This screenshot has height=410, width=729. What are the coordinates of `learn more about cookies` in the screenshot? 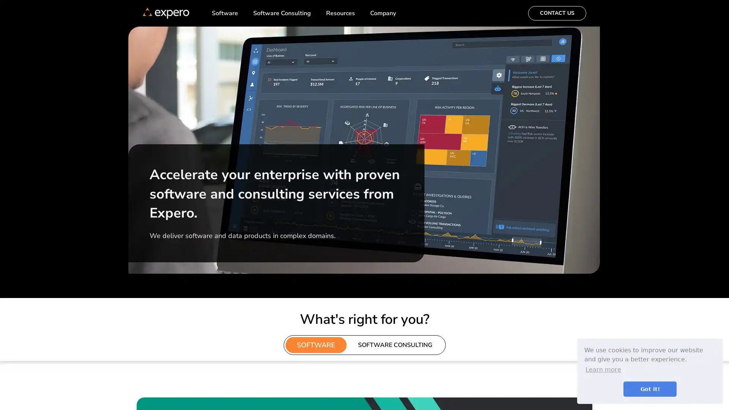 It's located at (603, 369).